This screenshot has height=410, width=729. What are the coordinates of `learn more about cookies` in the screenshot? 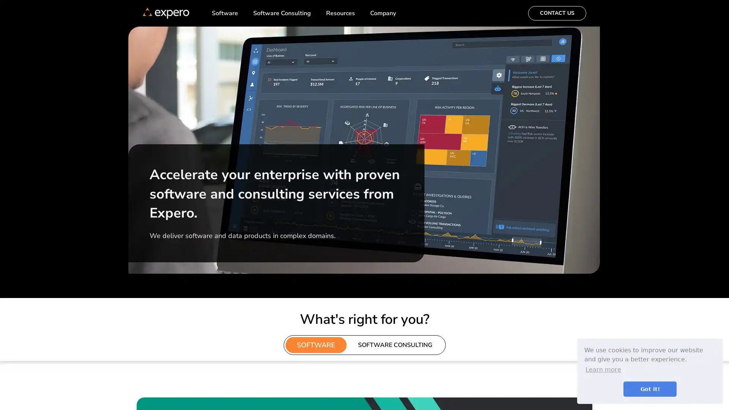 It's located at (603, 369).